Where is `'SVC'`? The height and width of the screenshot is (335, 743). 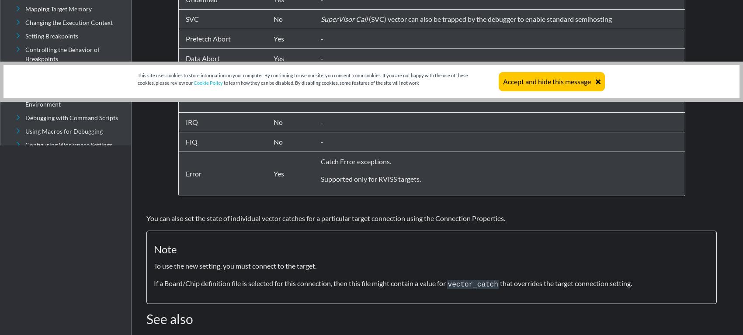 'SVC' is located at coordinates (191, 18).